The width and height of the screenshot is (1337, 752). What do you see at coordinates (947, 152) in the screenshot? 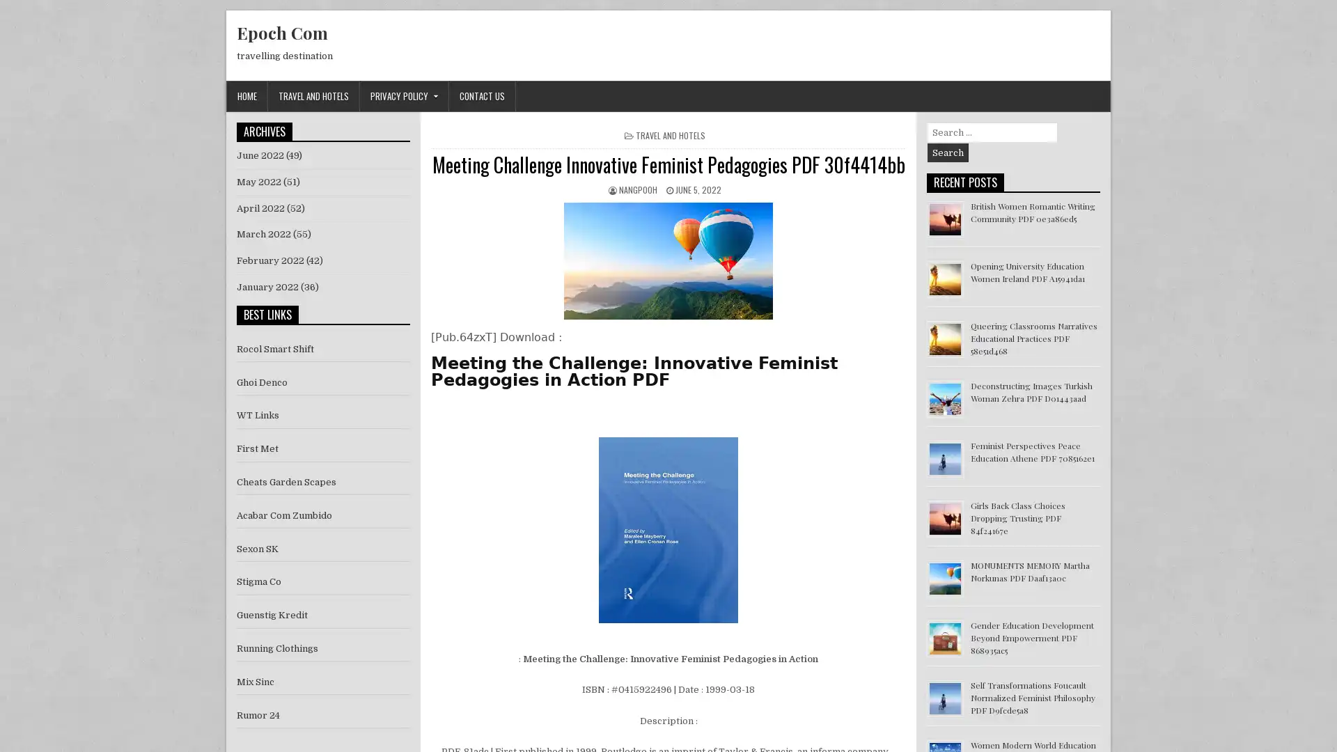
I see `Search` at bounding box center [947, 152].